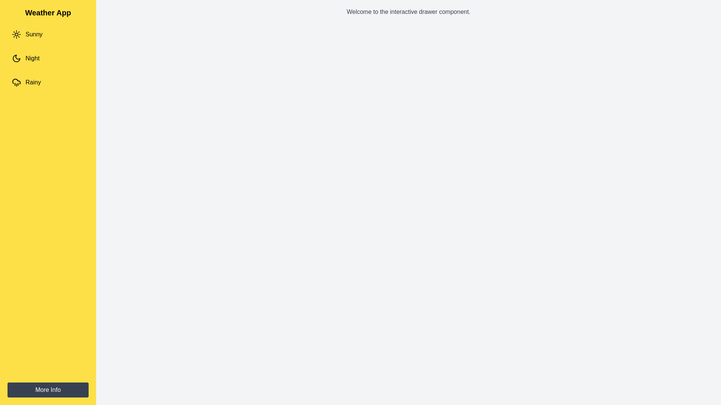 This screenshot has width=721, height=405. I want to click on the 'Sunny' weather option item in the sidebar, so click(48, 34).